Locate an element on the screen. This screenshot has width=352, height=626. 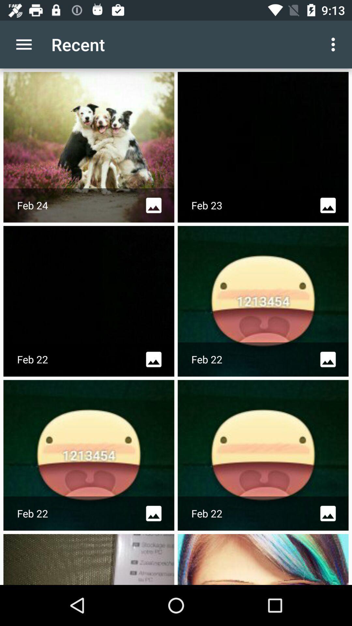
app to the right of the recent icon is located at coordinates (335, 44).